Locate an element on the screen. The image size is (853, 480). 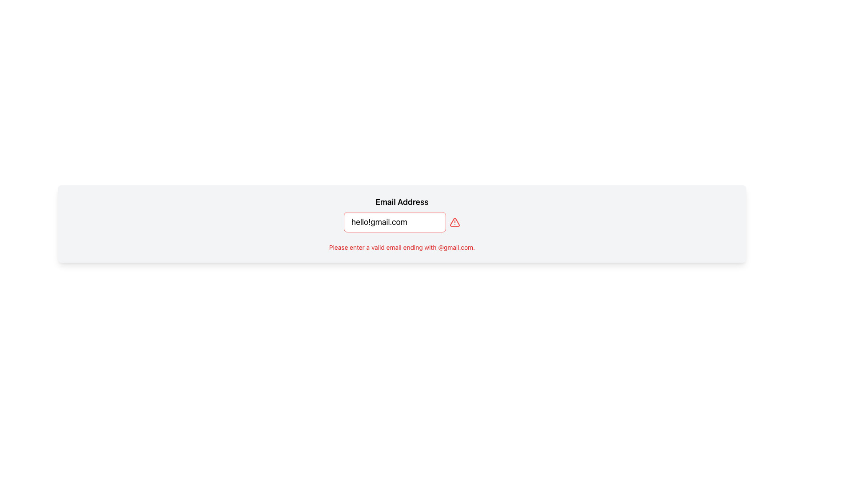
the red warning triangle icon is located at coordinates (454, 222).